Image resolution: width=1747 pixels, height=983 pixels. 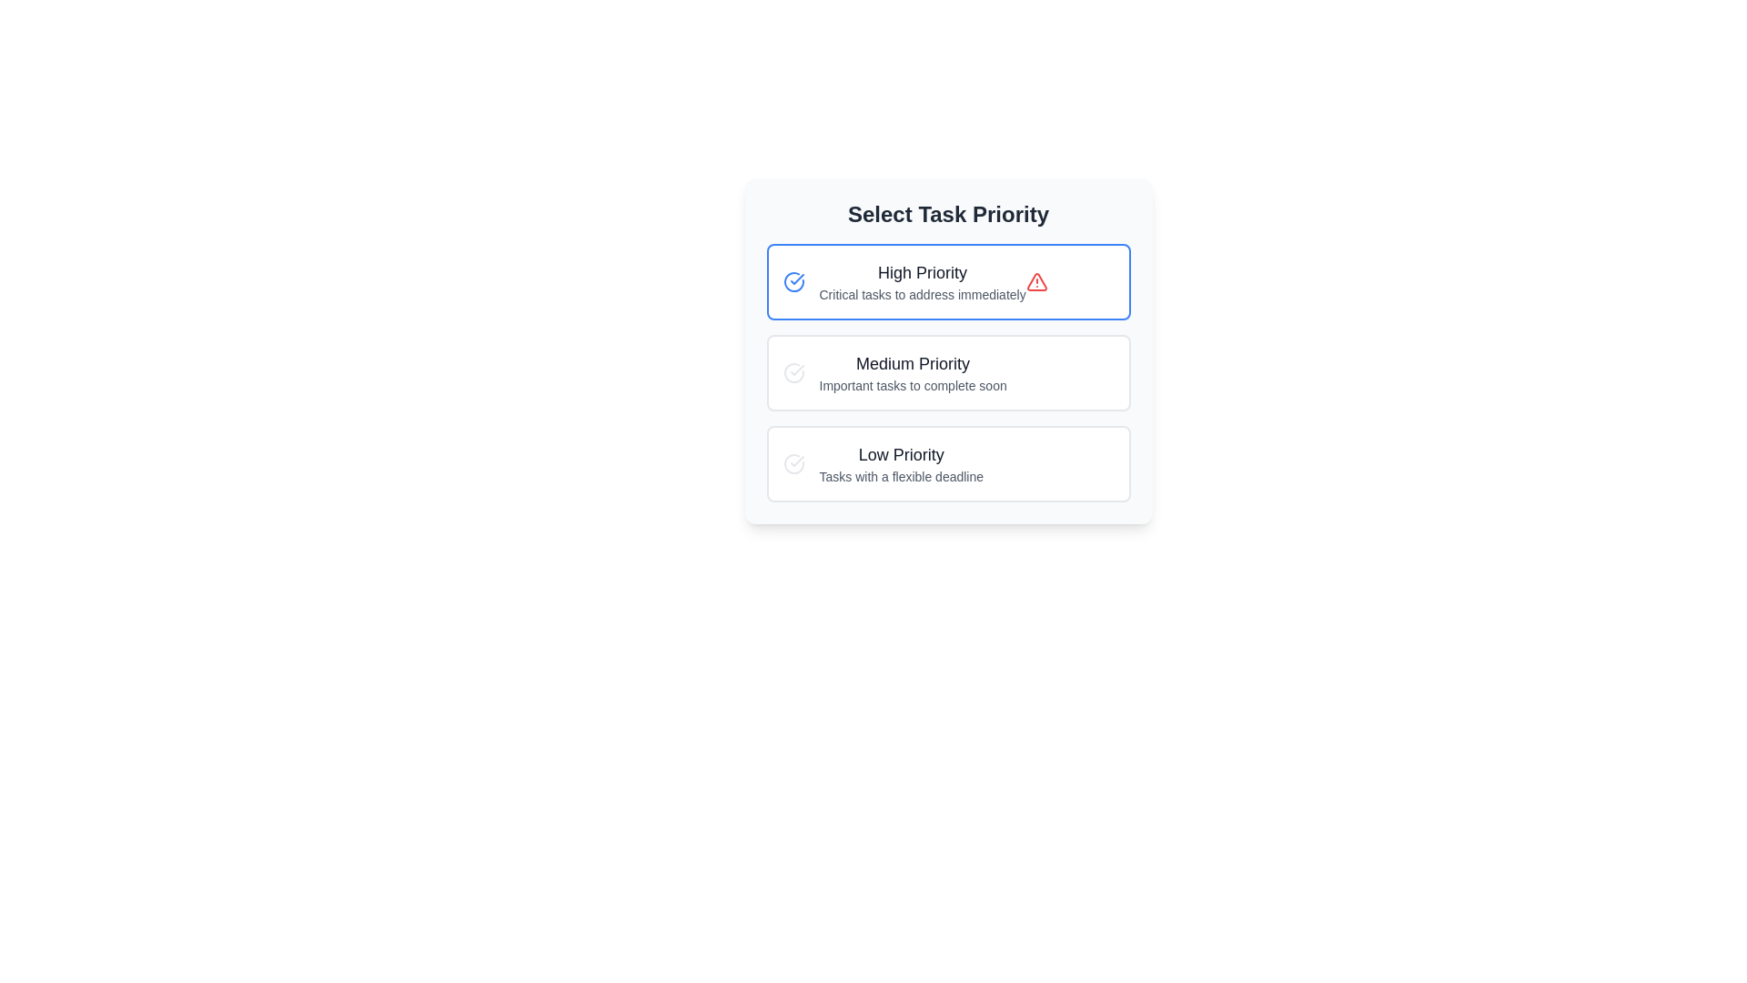 What do you see at coordinates (1036, 281) in the screenshot?
I see `the alert icon located within the 'High Priority' option box, to the right of the text 'Critical tasks` at bounding box center [1036, 281].